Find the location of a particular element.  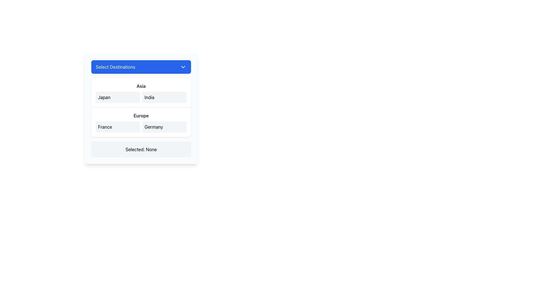

the dropdown trigger button for selecting destinations is located at coordinates (141, 67).